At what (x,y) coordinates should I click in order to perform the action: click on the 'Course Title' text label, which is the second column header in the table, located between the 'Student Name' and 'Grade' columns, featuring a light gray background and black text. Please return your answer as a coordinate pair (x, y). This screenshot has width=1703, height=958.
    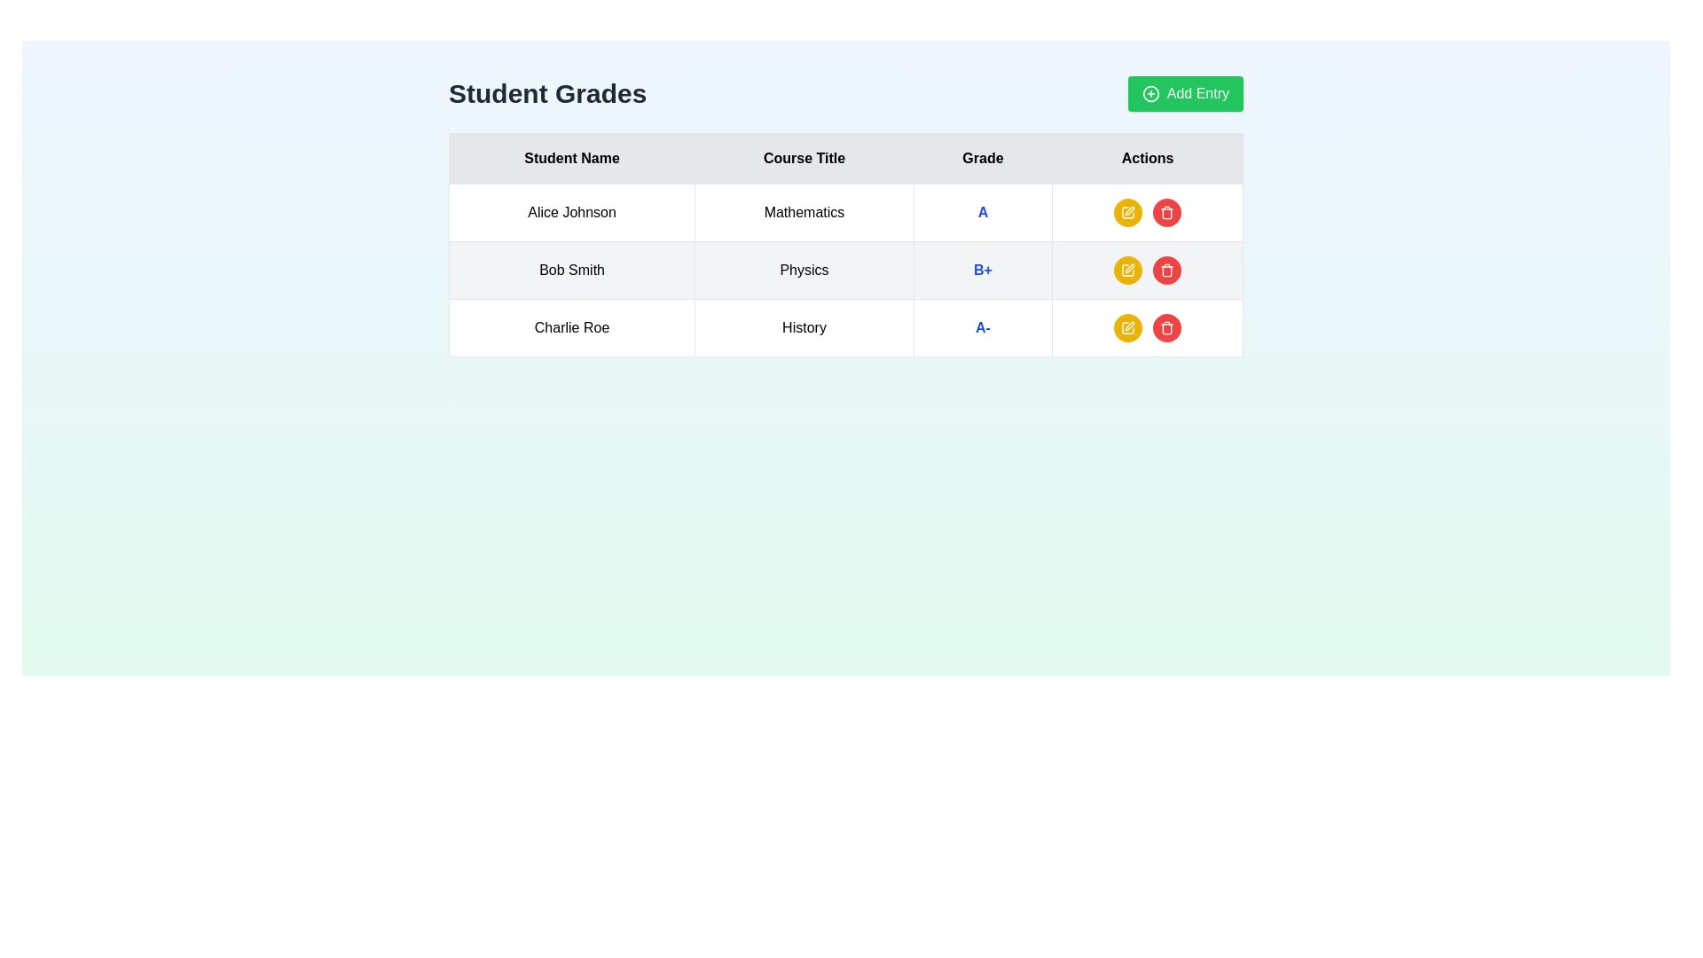
    Looking at the image, I should click on (804, 157).